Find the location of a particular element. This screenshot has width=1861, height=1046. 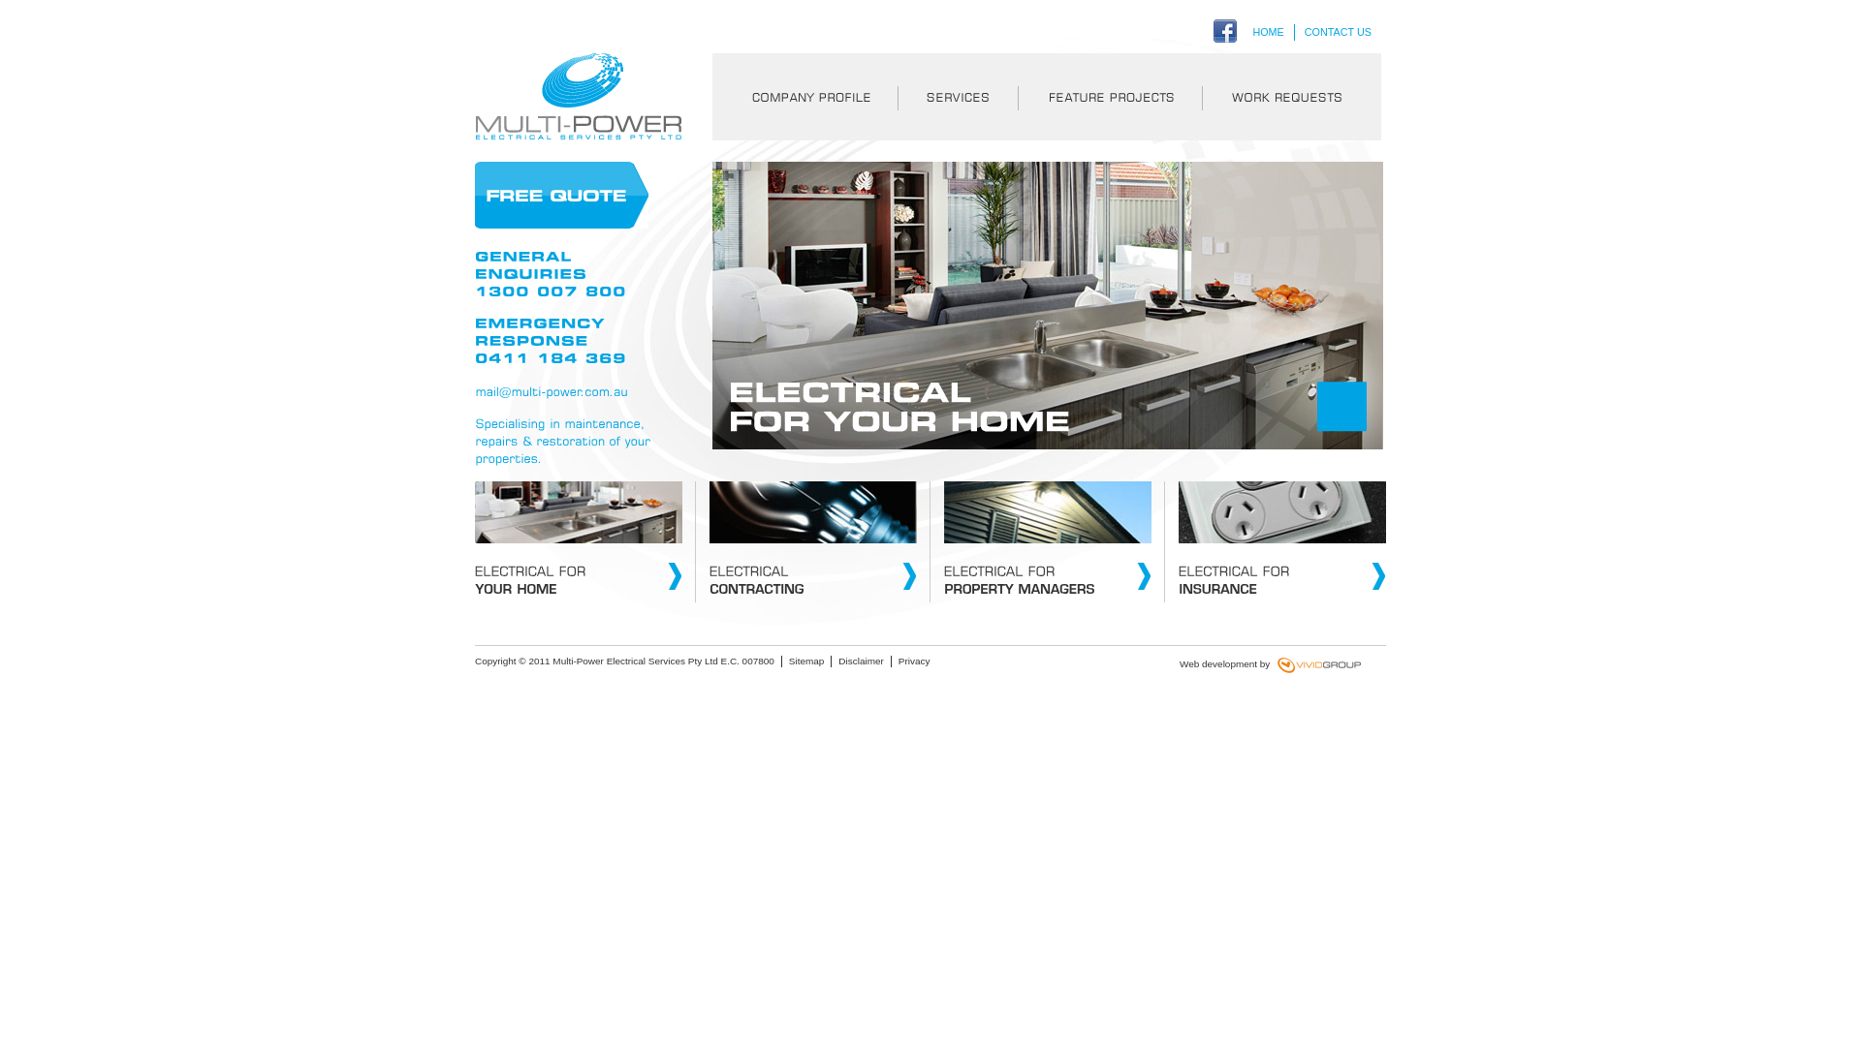

'Disclaimer' is located at coordinates (837, 660).